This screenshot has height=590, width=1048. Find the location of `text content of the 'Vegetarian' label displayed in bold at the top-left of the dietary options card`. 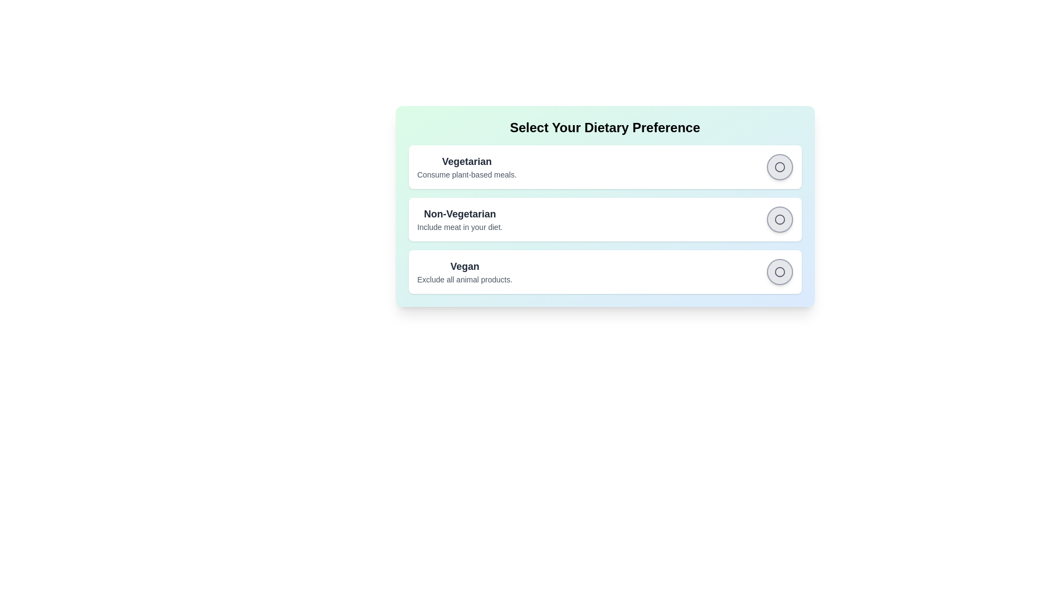

text content of the 'Vegetarian' label displayed in bold at the top-left of the dietary options card is located at coordinates (467, 162).